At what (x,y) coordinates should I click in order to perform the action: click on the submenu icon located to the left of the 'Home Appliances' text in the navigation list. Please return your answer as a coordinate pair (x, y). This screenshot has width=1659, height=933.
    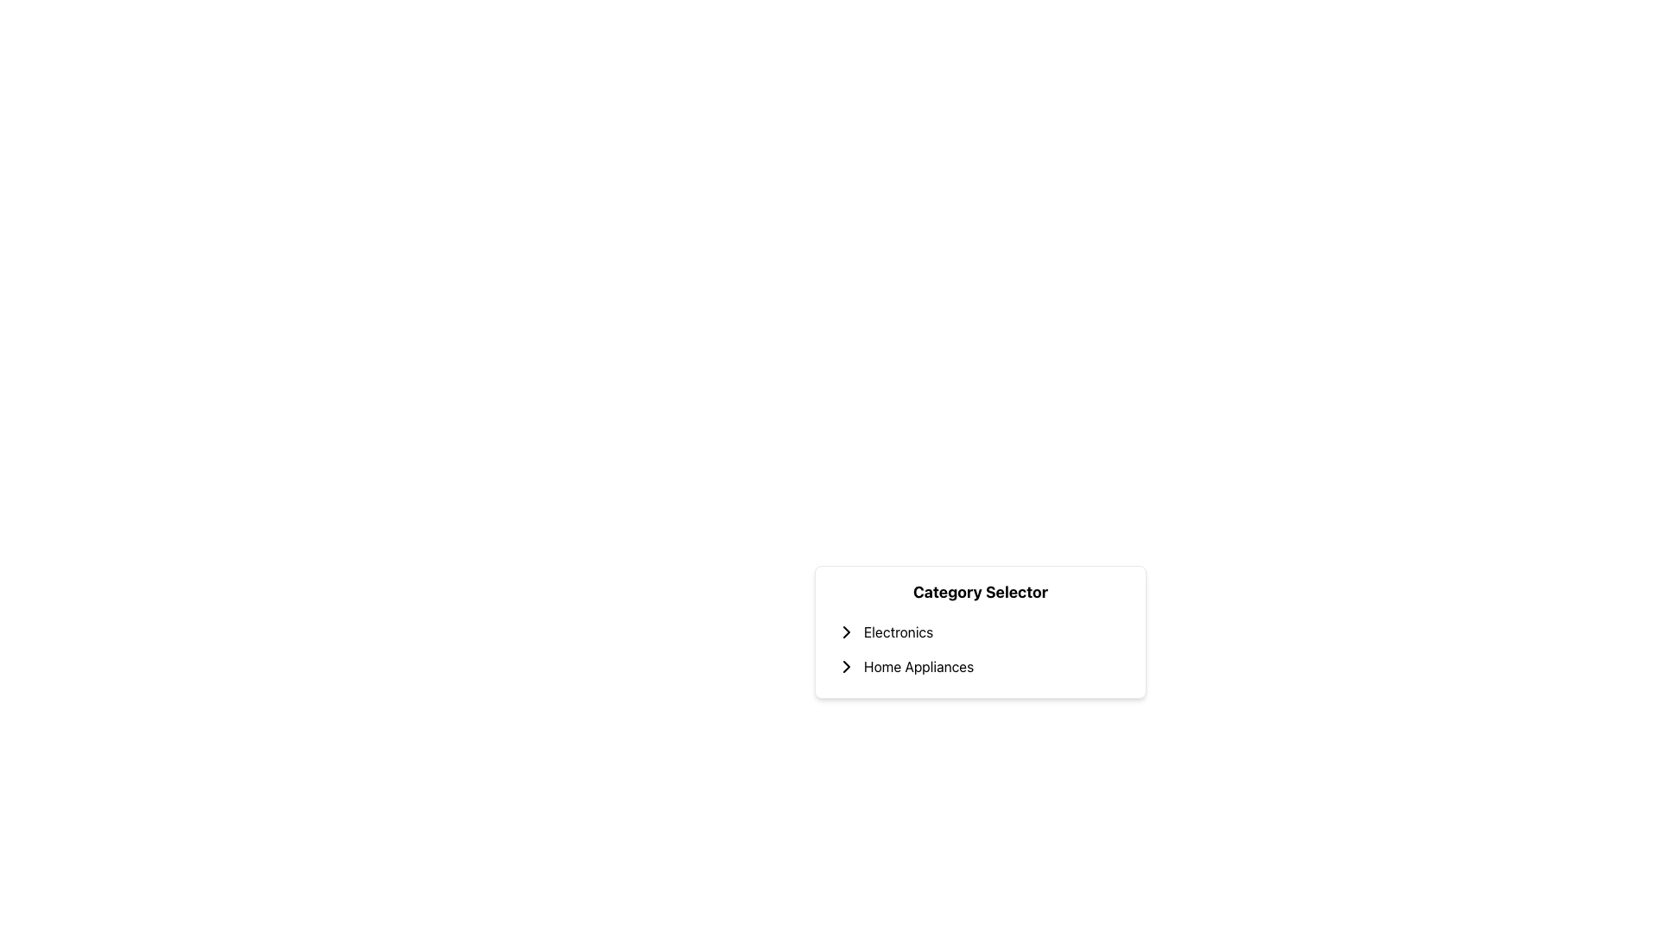
    Looking at the image, I should click on (846, 665).